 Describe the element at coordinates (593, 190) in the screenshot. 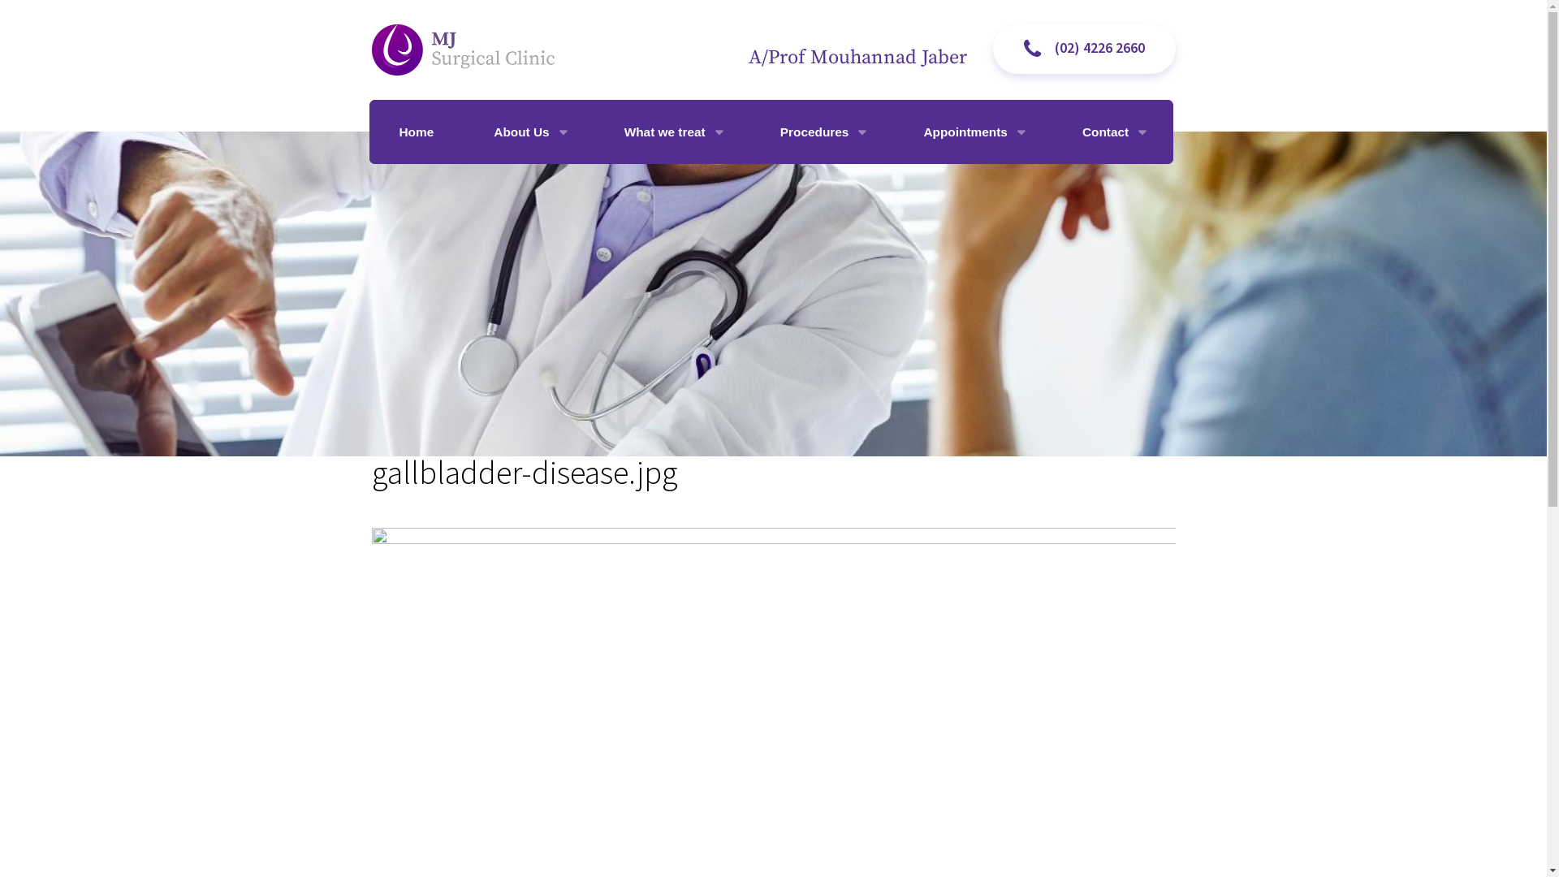

I see `'Obesity'` at that location.